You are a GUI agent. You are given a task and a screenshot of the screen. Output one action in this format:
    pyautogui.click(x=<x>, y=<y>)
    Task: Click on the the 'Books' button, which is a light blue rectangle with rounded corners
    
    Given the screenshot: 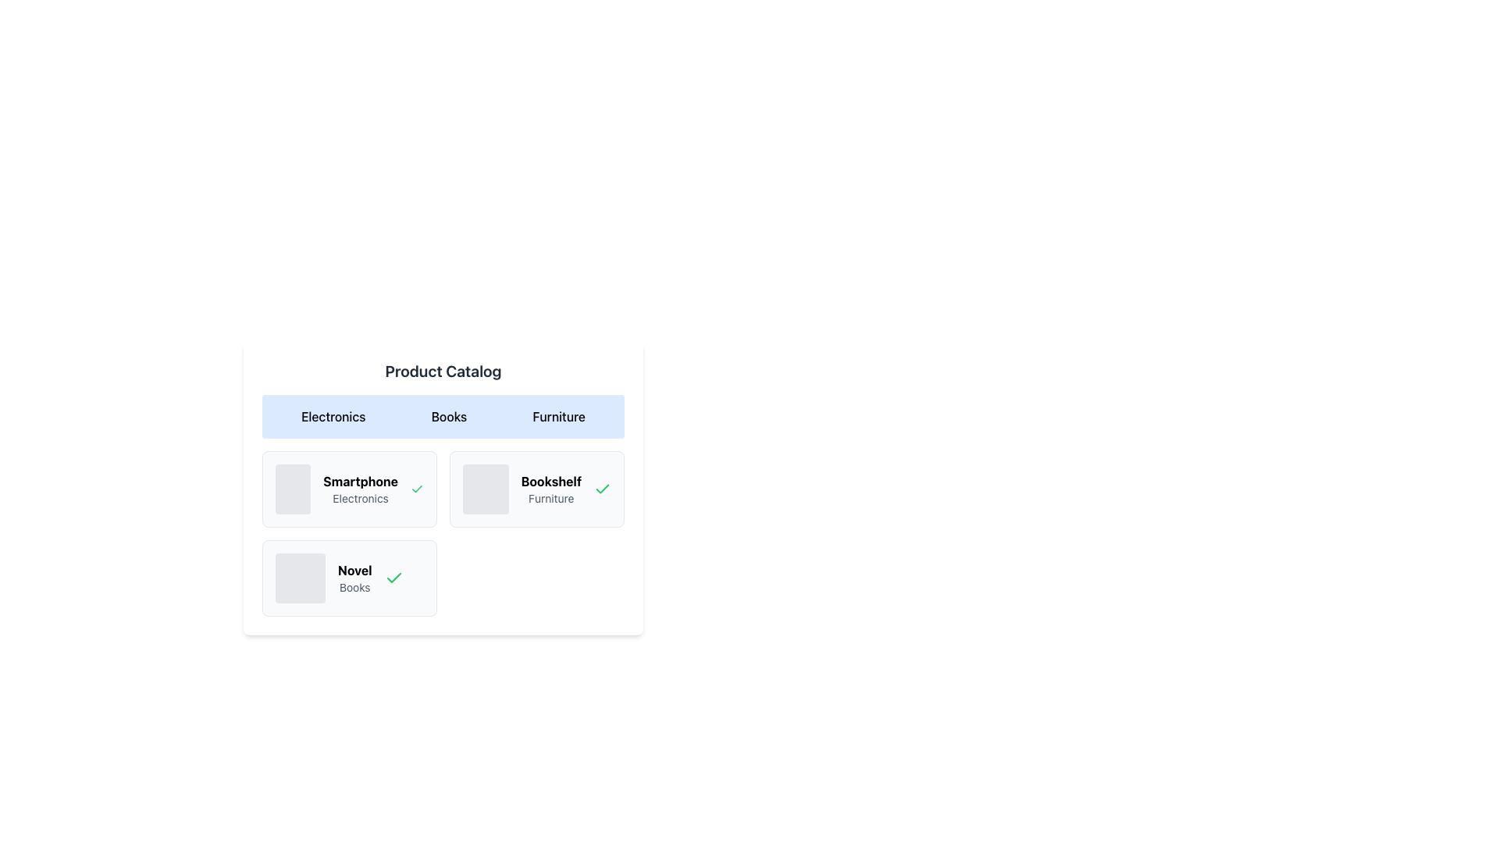 What is the action you would take?
    pyautogui.click(x=448, y=415)
    